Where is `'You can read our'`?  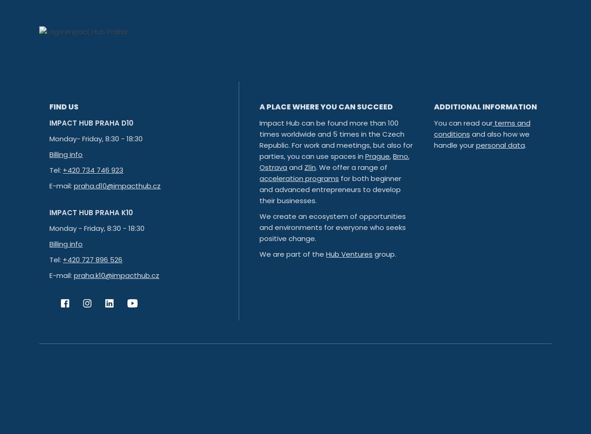
'You can read our' is located at coordinates (433, 123).